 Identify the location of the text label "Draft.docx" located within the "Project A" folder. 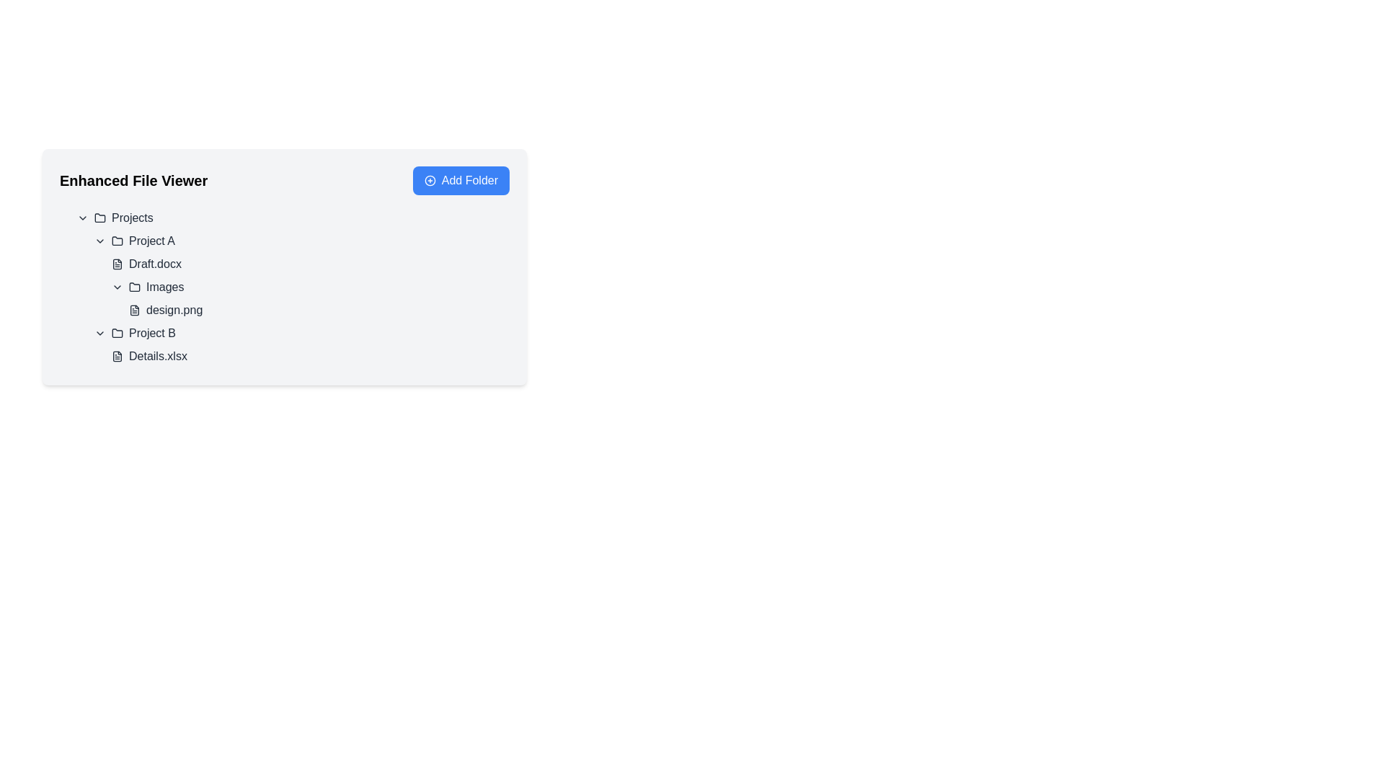
(155, 264).